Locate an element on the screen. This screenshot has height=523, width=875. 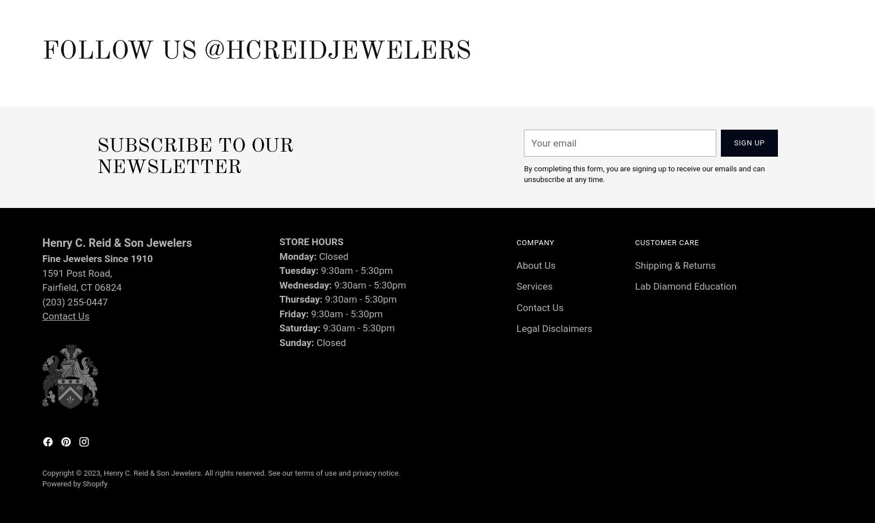
'Legal Disclaimers' is located at coordinates (553, 328).